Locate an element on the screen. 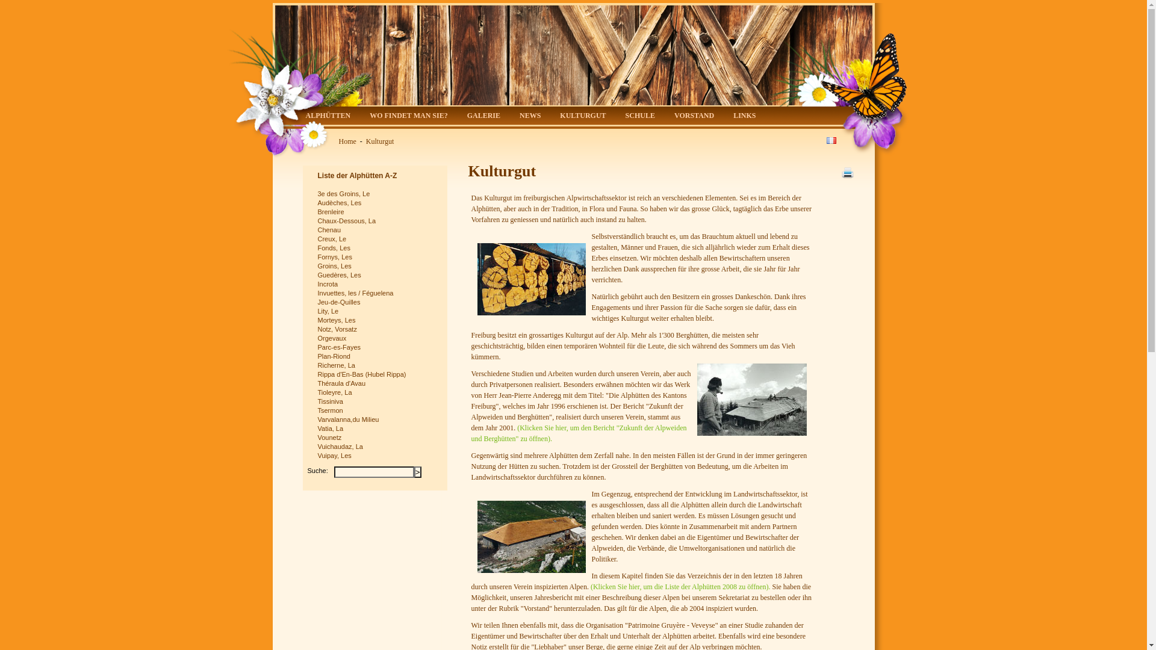  'LINKS' is located at coordinates (744, 116).